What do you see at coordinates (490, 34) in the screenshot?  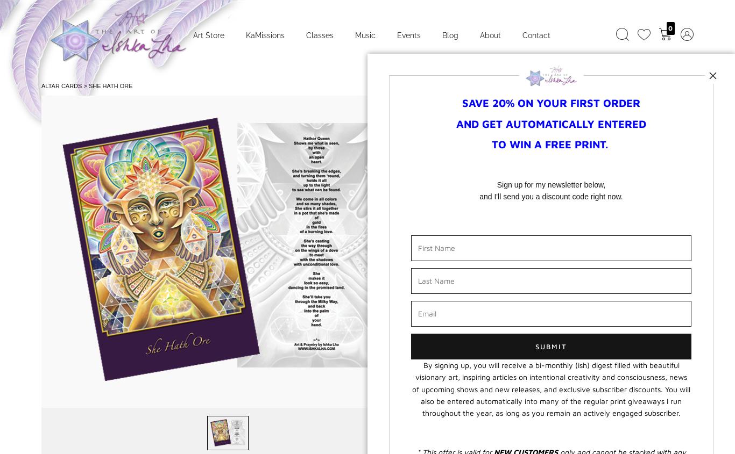 I see `'About'` at bounding box center [490, 34].